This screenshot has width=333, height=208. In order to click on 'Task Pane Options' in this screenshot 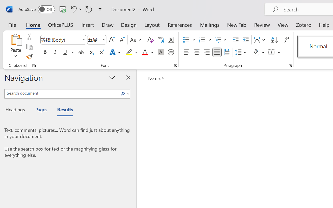, I will do `click(112, 77)`.